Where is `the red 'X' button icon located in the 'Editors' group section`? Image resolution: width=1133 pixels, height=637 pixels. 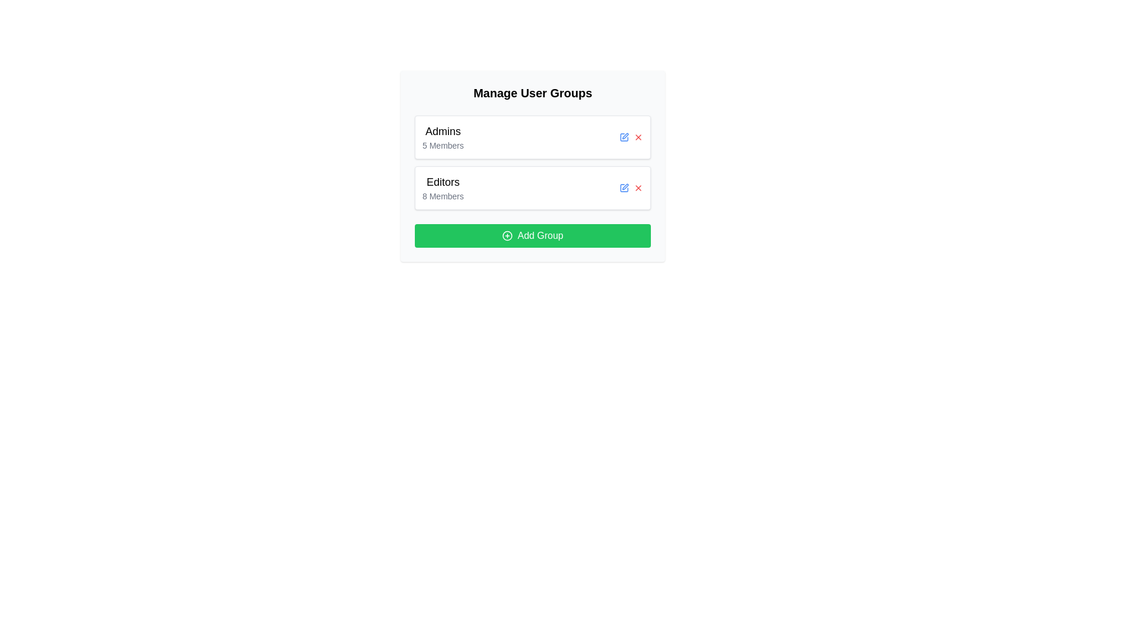
the red 'X' button icon located in the 'Editors' group section is located at coordinates (637, 188).